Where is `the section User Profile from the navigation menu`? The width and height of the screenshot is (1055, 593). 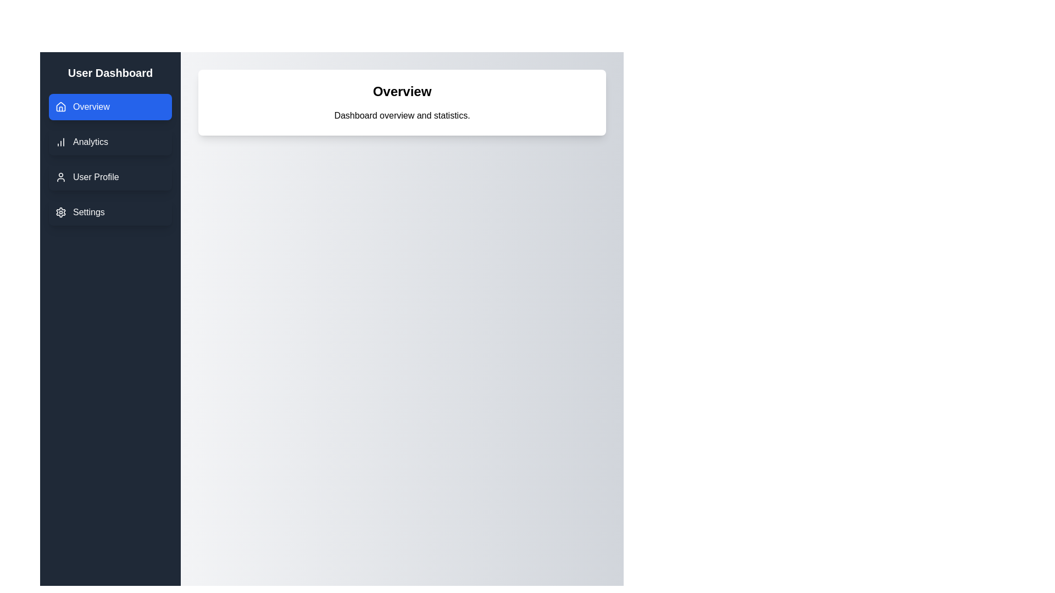 the section User Profile from the navigation menu is located at coordinates (110, 177).